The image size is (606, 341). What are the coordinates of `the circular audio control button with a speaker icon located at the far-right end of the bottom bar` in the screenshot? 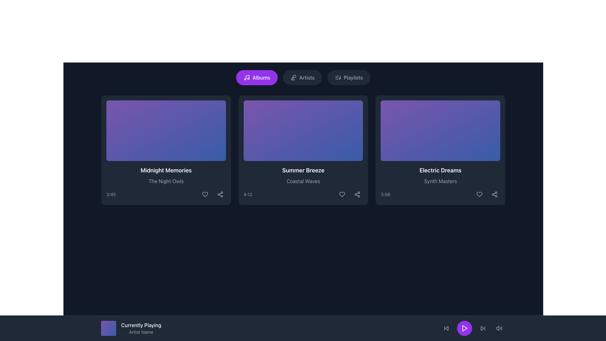 It's located at (499, 328).